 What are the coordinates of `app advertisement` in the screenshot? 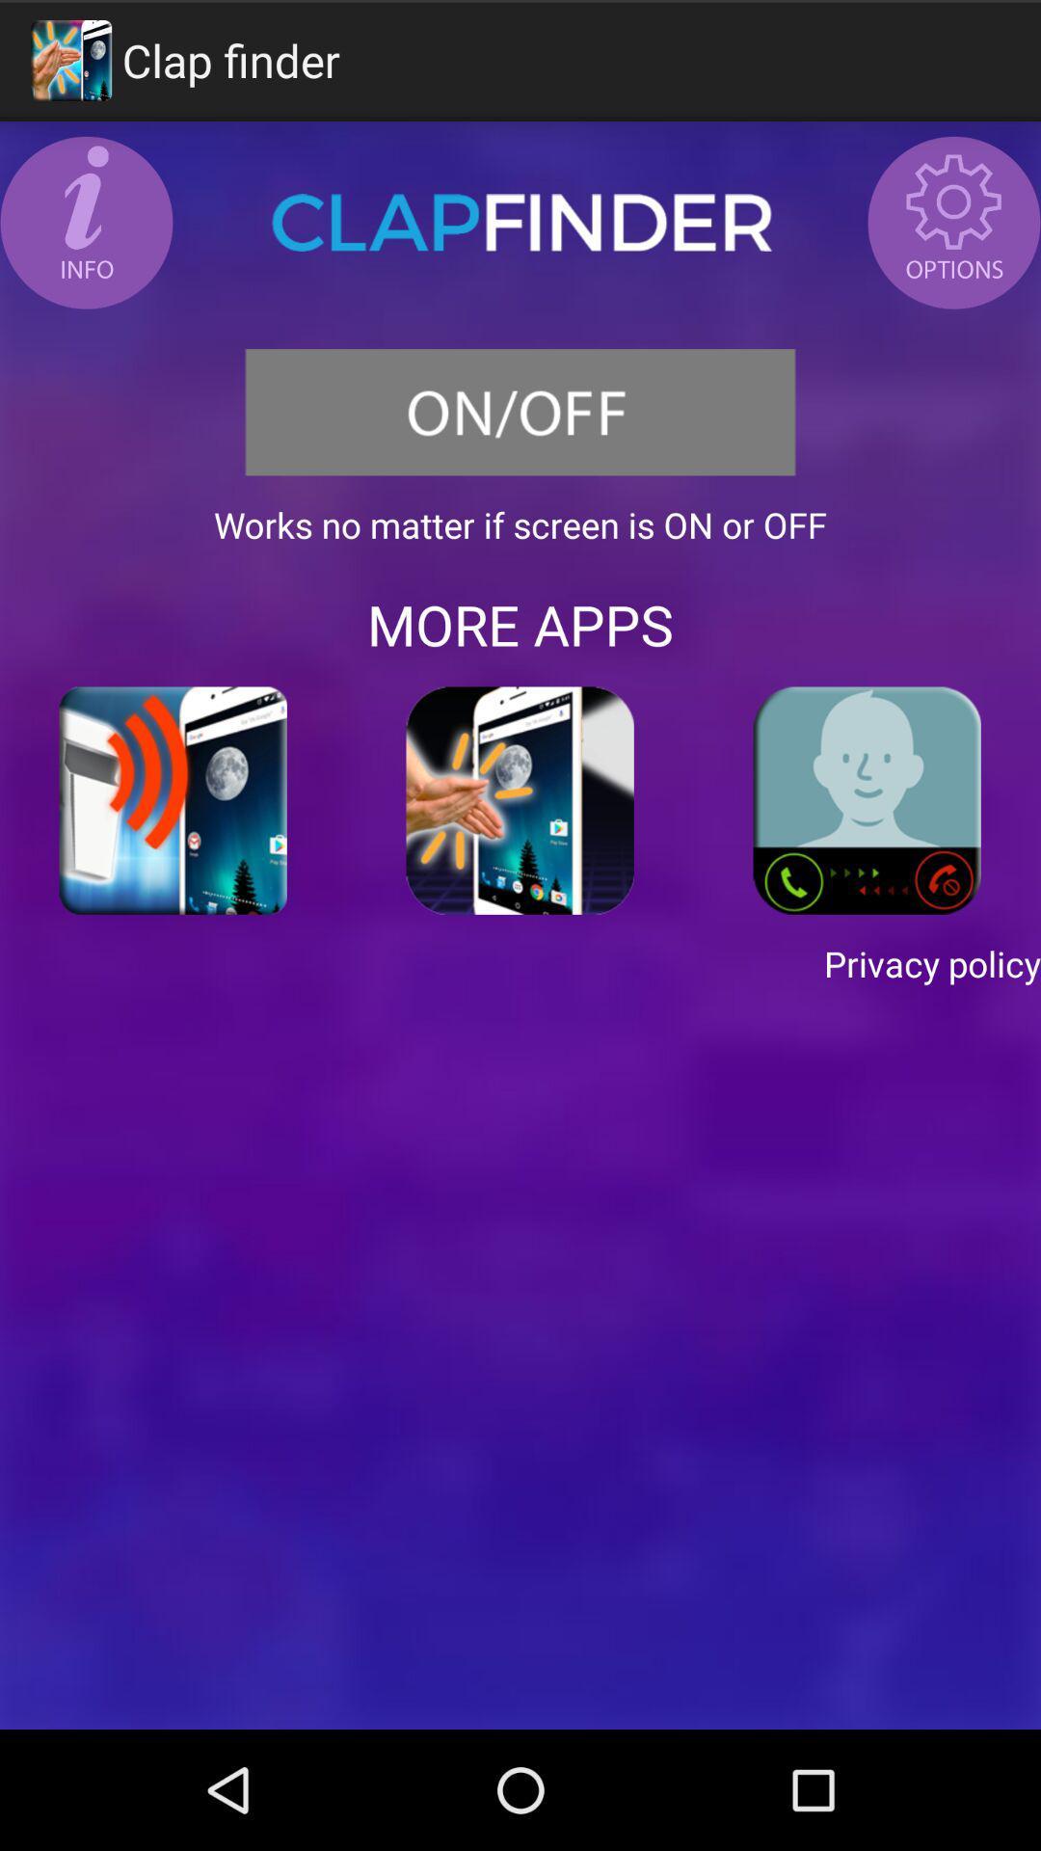 It's located at (866, 800).